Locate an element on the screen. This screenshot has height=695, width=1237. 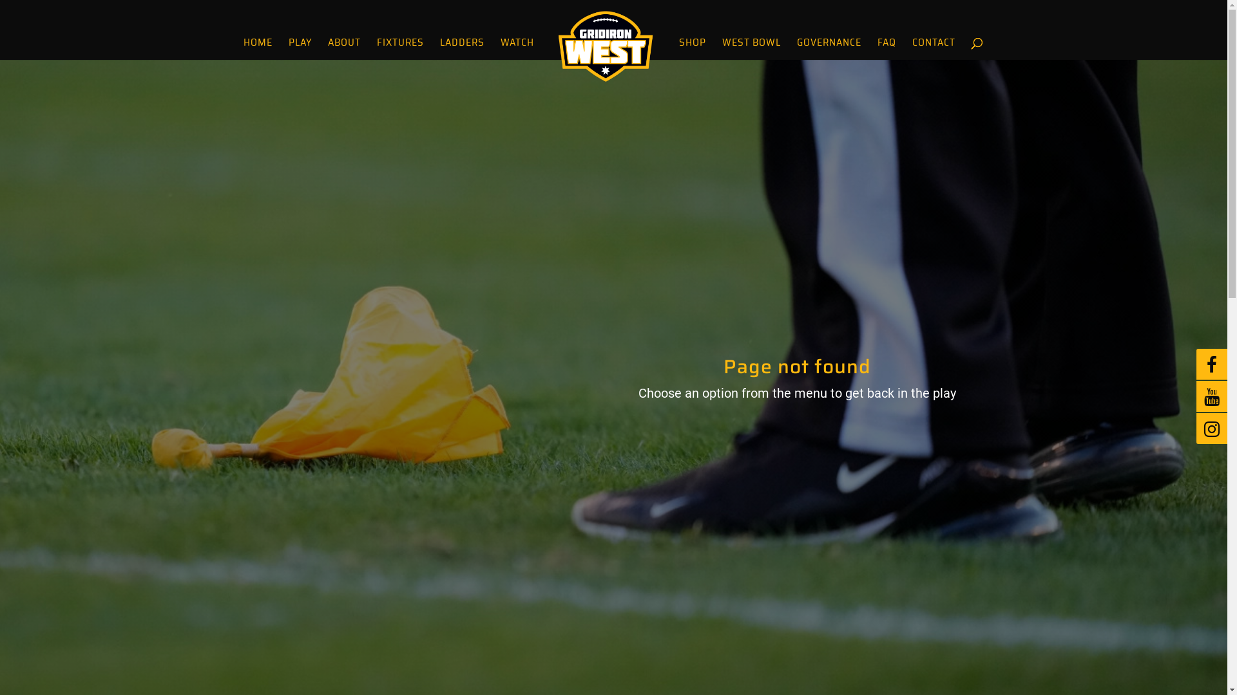
'FAQ' is located at coordinates (886, 48).